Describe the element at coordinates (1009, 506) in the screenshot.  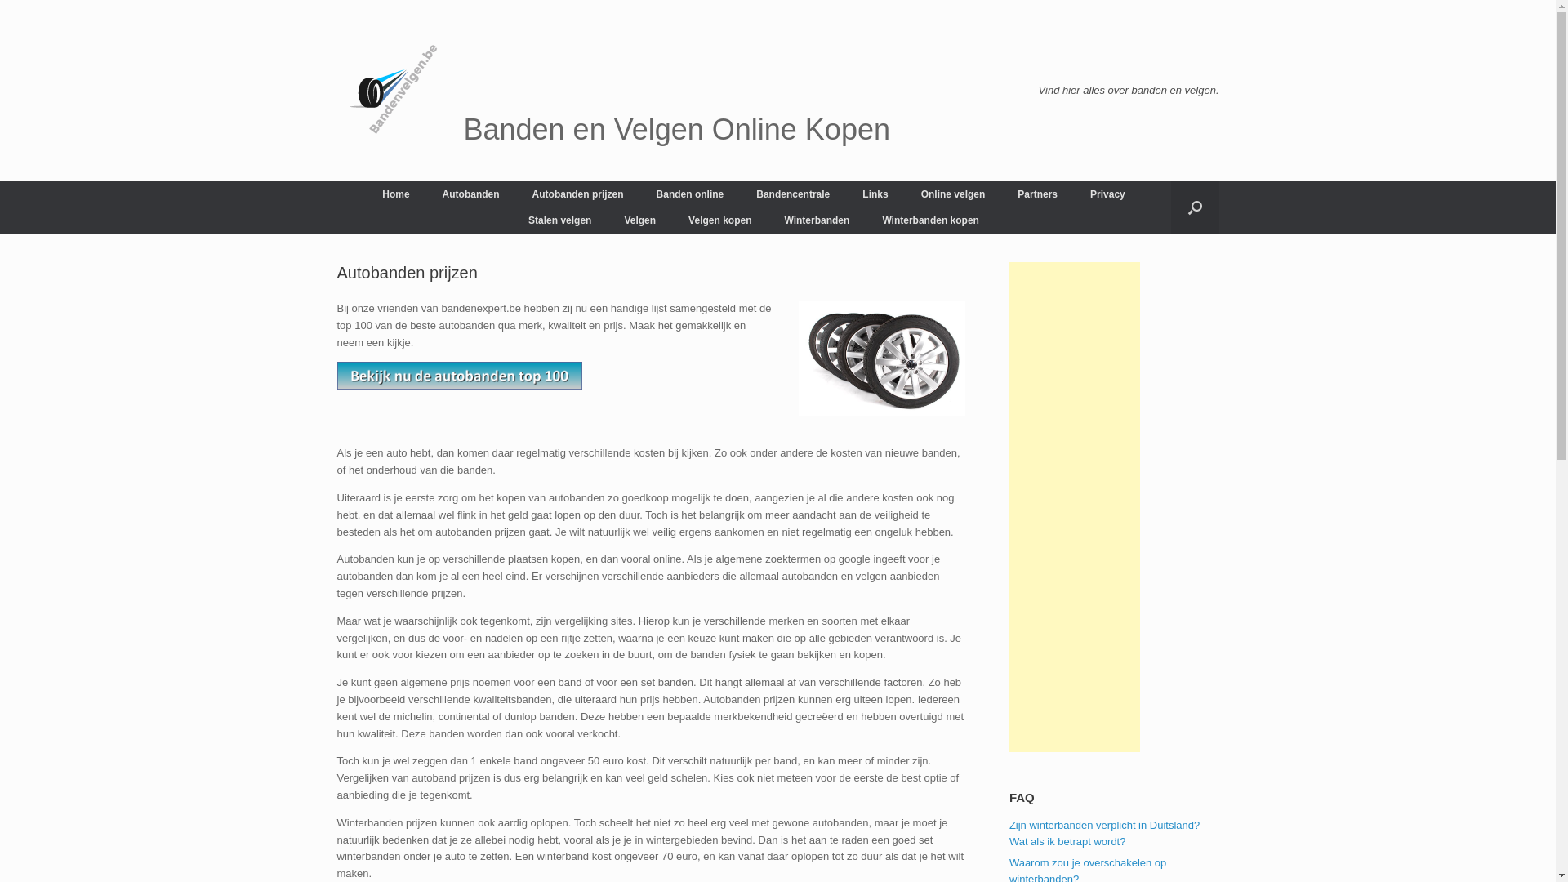
I see `'Advertisement'` at that location.